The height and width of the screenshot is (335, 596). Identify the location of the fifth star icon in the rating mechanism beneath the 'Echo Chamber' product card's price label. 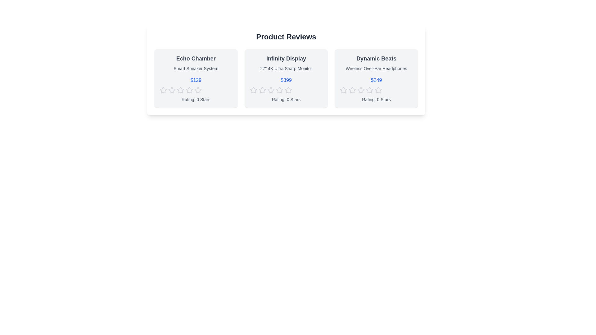
(198, 90).